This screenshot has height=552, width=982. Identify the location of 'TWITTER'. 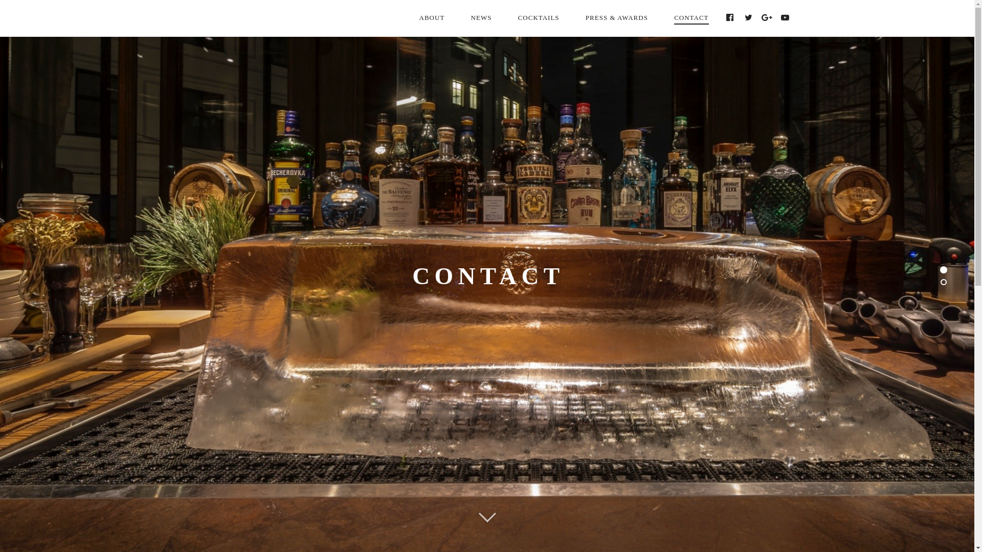
(749, 17).